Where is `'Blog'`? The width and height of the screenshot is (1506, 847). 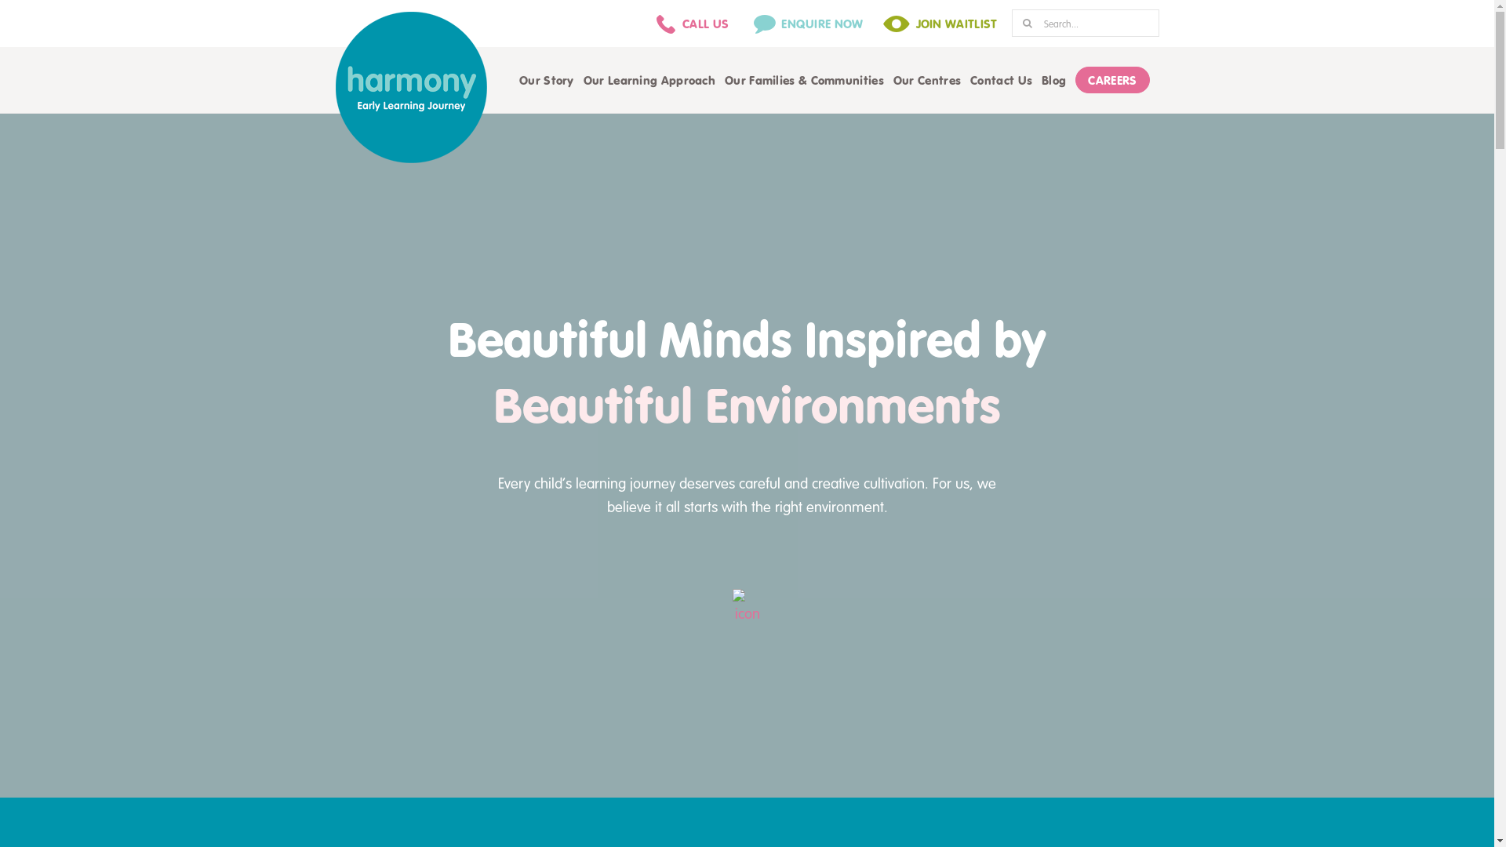 'Blog' is located at coordinates (1053, 79).